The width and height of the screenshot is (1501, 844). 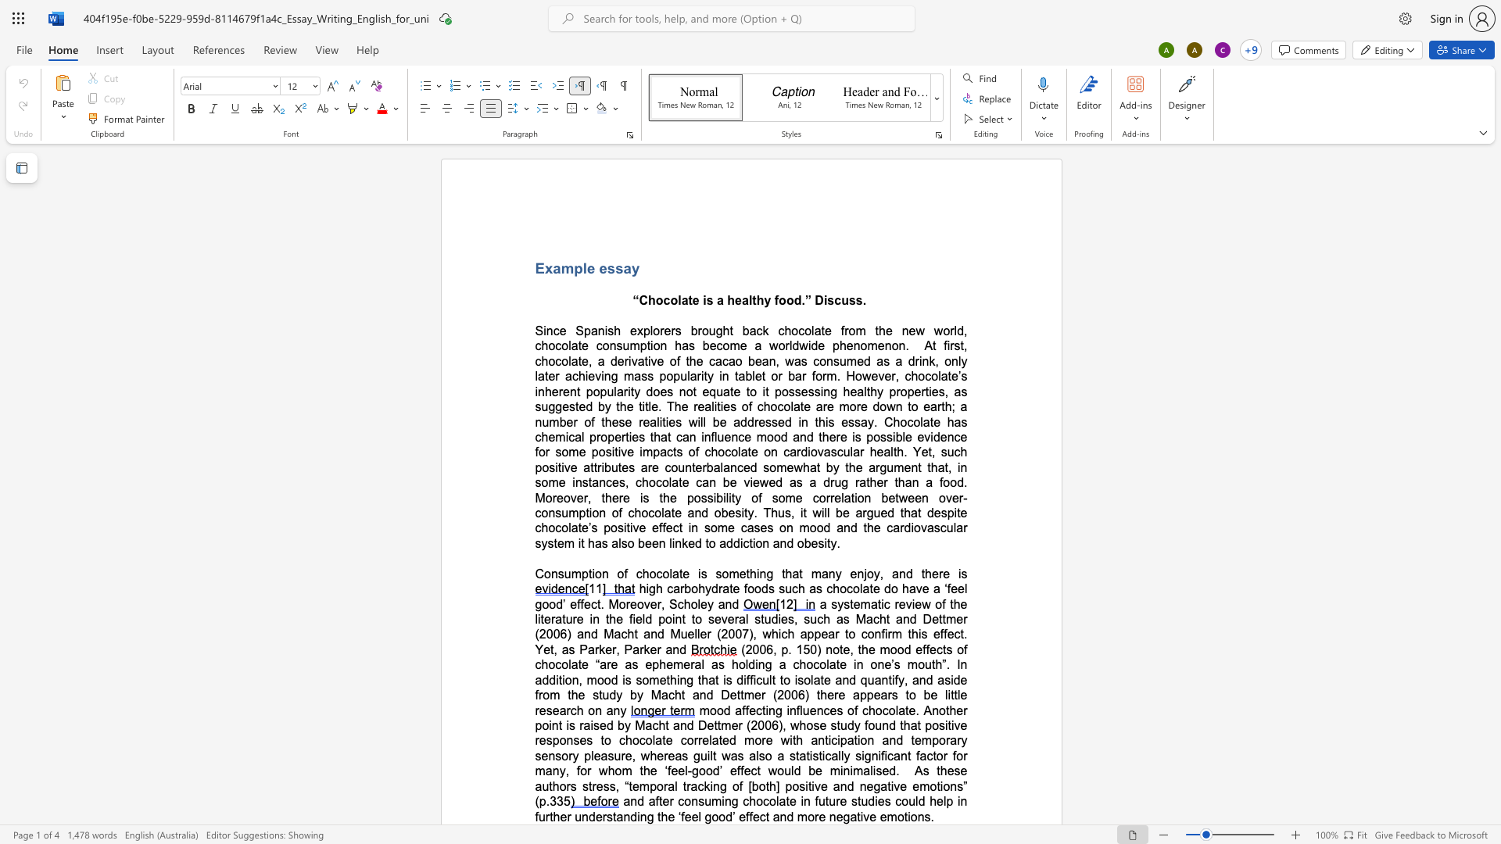 What do you see at coordinates (893, 634) in the screenshot?
I see `the space between the continuous character "r" and "m" in the text` at bounding box center [893, 634].